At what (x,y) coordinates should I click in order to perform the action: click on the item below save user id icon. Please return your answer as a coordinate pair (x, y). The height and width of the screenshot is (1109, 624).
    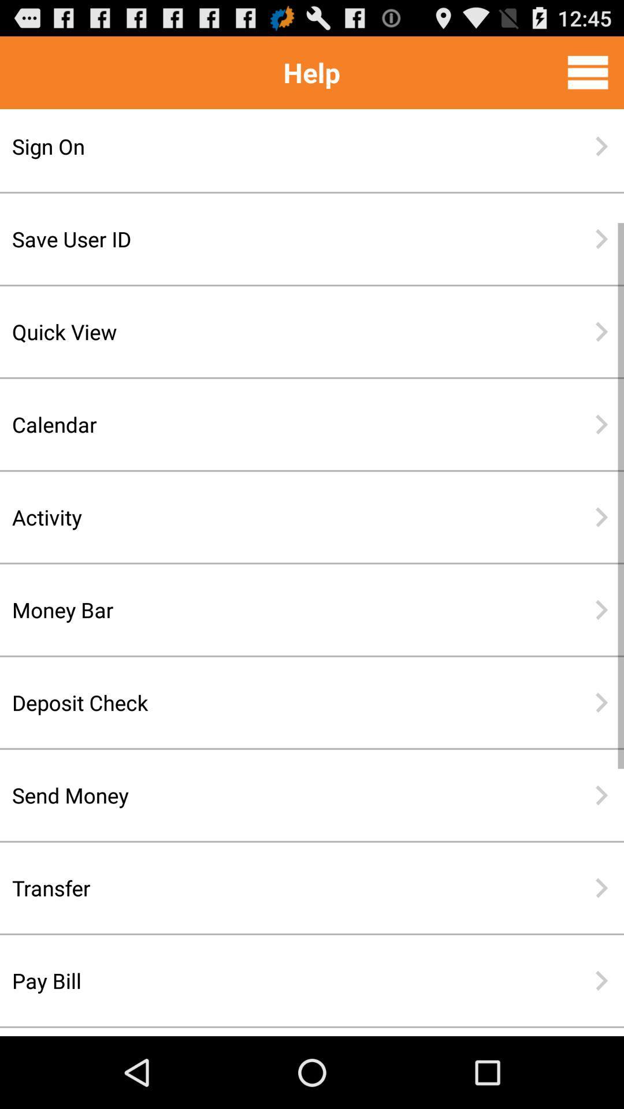
    Looking at the image, I should click on (274, 331).